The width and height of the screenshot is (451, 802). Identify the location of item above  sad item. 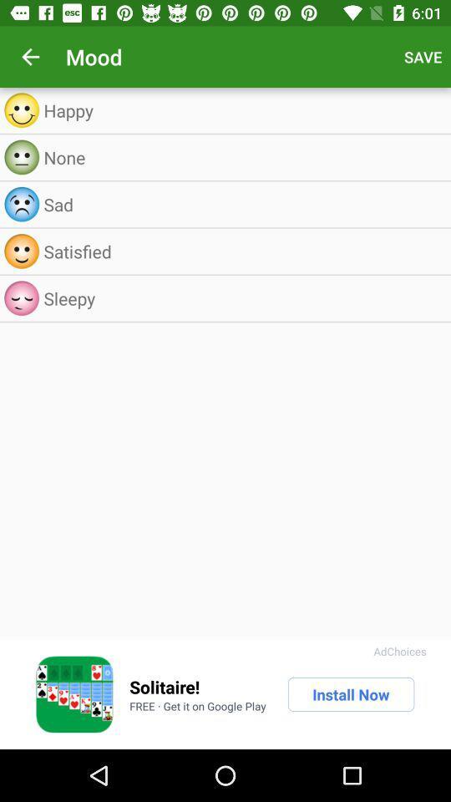
(242, 157).